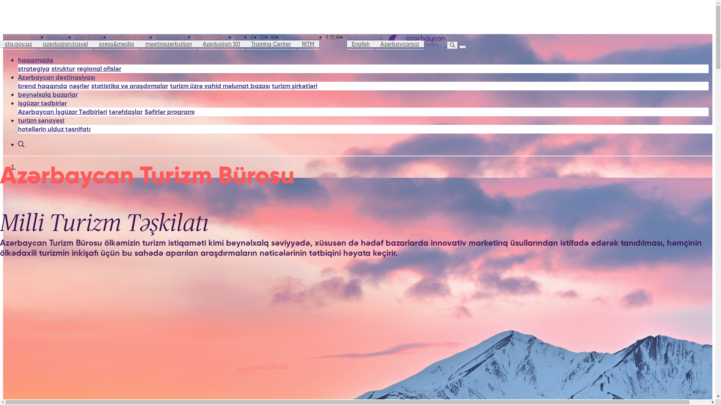  Describe the element at coordinates (131, 37) in the screenshot. I see `'meetinazerbaijan'` at that location.